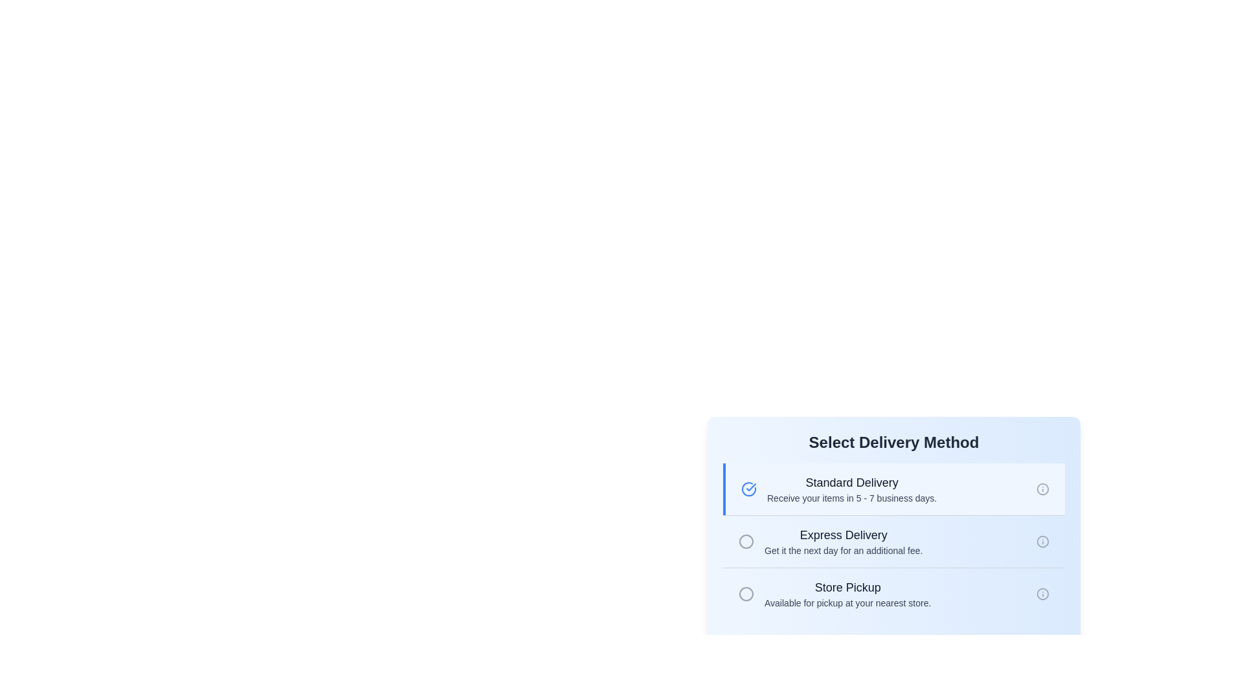  What do you see at coordinates (834, 594) in the screenshot?
I see `the third selectable delivery method option for store pickup located below the 'Express Delivery' option` at bounding box center [834, 594].